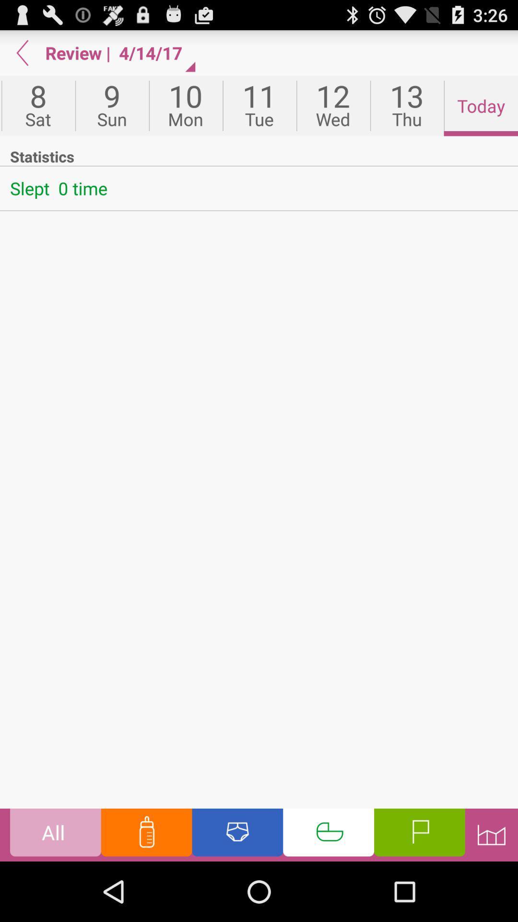 The width and height of the screenshot is (518, 922). What do you see at coordinates (154, 52) in the screenshot?
I see `the item above the 9 icon` at bounding box center [154, 52].